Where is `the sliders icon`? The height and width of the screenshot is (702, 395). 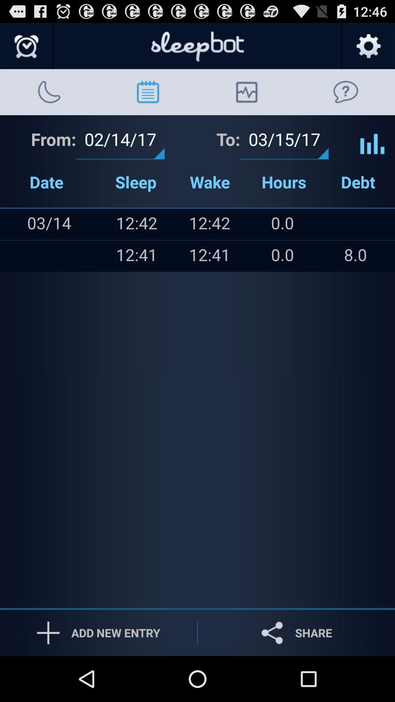
the sliders icon is located at coordinates (372, 147).